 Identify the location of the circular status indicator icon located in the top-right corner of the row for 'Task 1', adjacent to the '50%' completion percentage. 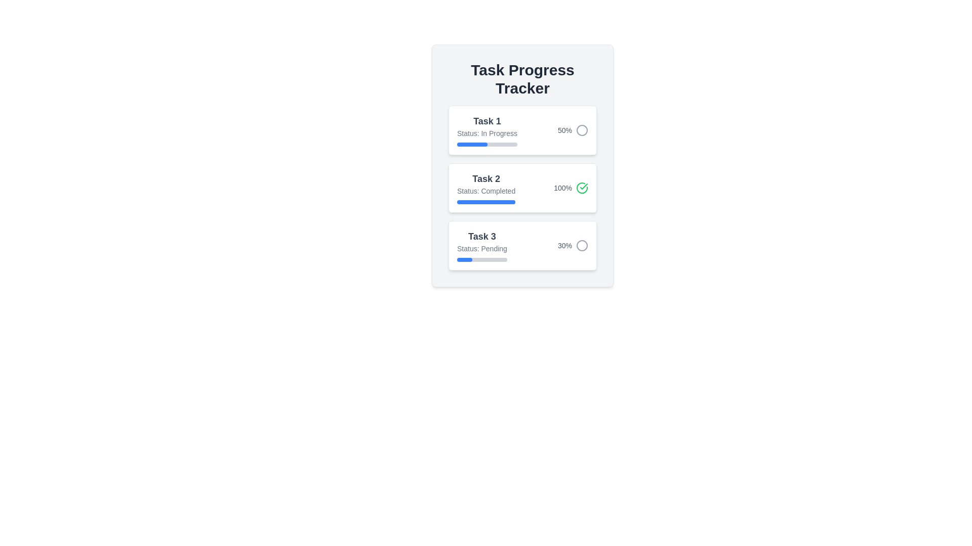
(582, 130).